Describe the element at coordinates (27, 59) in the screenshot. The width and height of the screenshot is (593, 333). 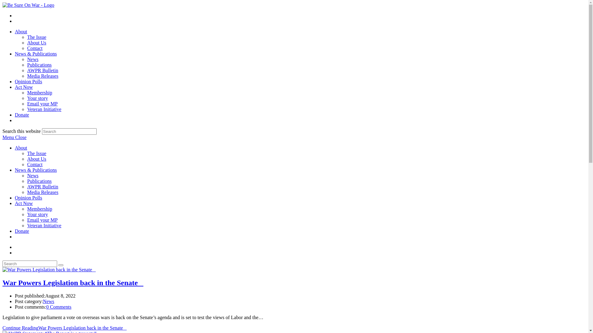
I see `'News'` at that location.